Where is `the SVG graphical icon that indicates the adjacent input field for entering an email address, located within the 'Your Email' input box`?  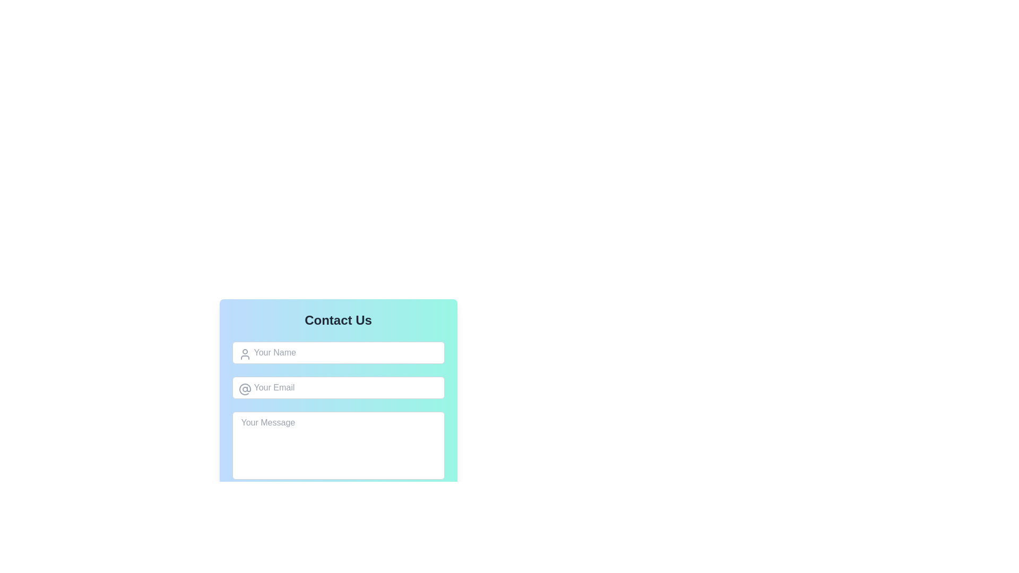 the SVG graphical icon that indicates the adjacent input field for entering an email address, located within the 'Your Email' input box is located at coordinates (244, 389).